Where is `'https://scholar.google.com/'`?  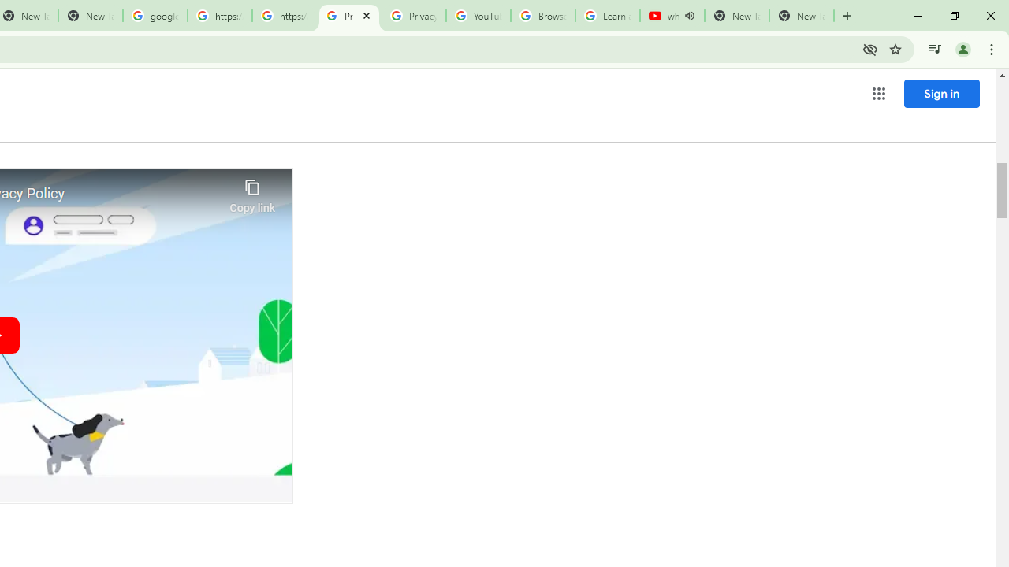 'https://scholar.google.com/' is located at coordinates (219, 16).